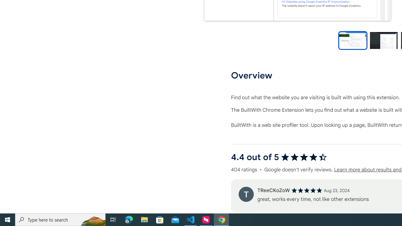 Image resolution: width=402 pixels, height=226 pixels. Describe the element at coordinates (129, 219) in the screenshot. I see `'Microsoft Edge'` at that location.